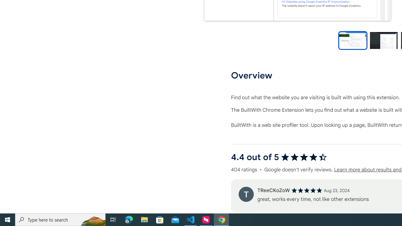 Image resolution: width=402 pixels, height=226 pixels. Describe the element at coordinates (129, 219) in the screenshot. I see `'Microsoft Edge'` at that location.